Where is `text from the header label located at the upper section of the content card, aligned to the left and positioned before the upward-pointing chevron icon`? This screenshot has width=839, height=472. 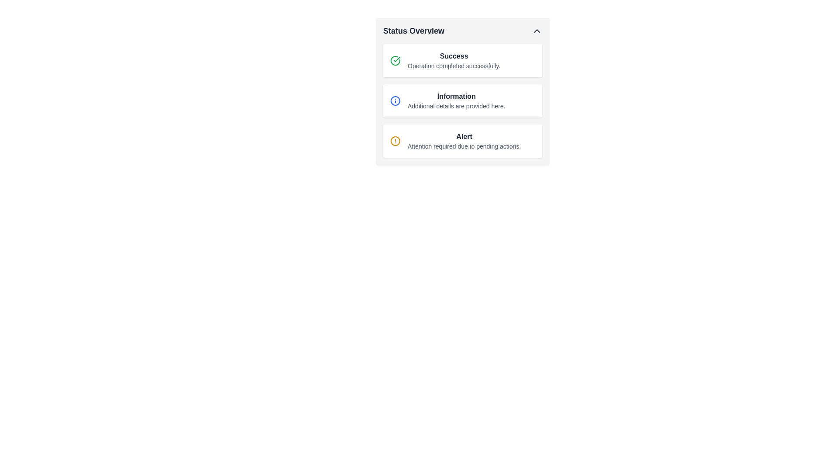 text from the header label located at the upper section of the content card, aligned to the left and positioned before the upward-pointing chevron icon is located at coordinates (413, 30).